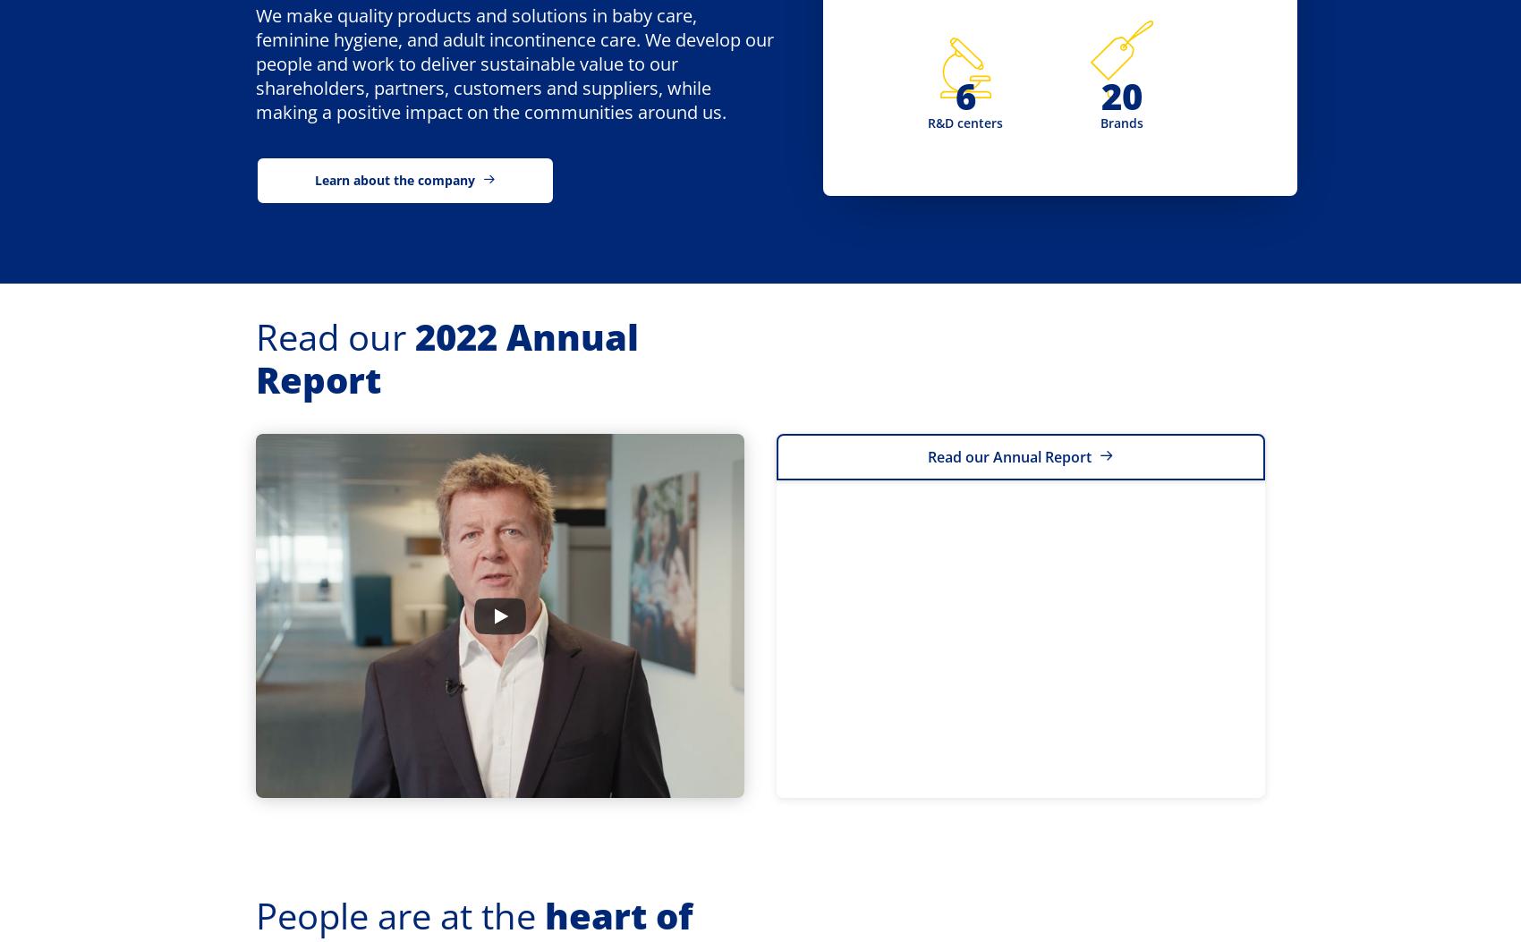  What do you see at coordinates (619, 914) in the screenshot?
I see `'heart of'` at bounding box center [619, 914].